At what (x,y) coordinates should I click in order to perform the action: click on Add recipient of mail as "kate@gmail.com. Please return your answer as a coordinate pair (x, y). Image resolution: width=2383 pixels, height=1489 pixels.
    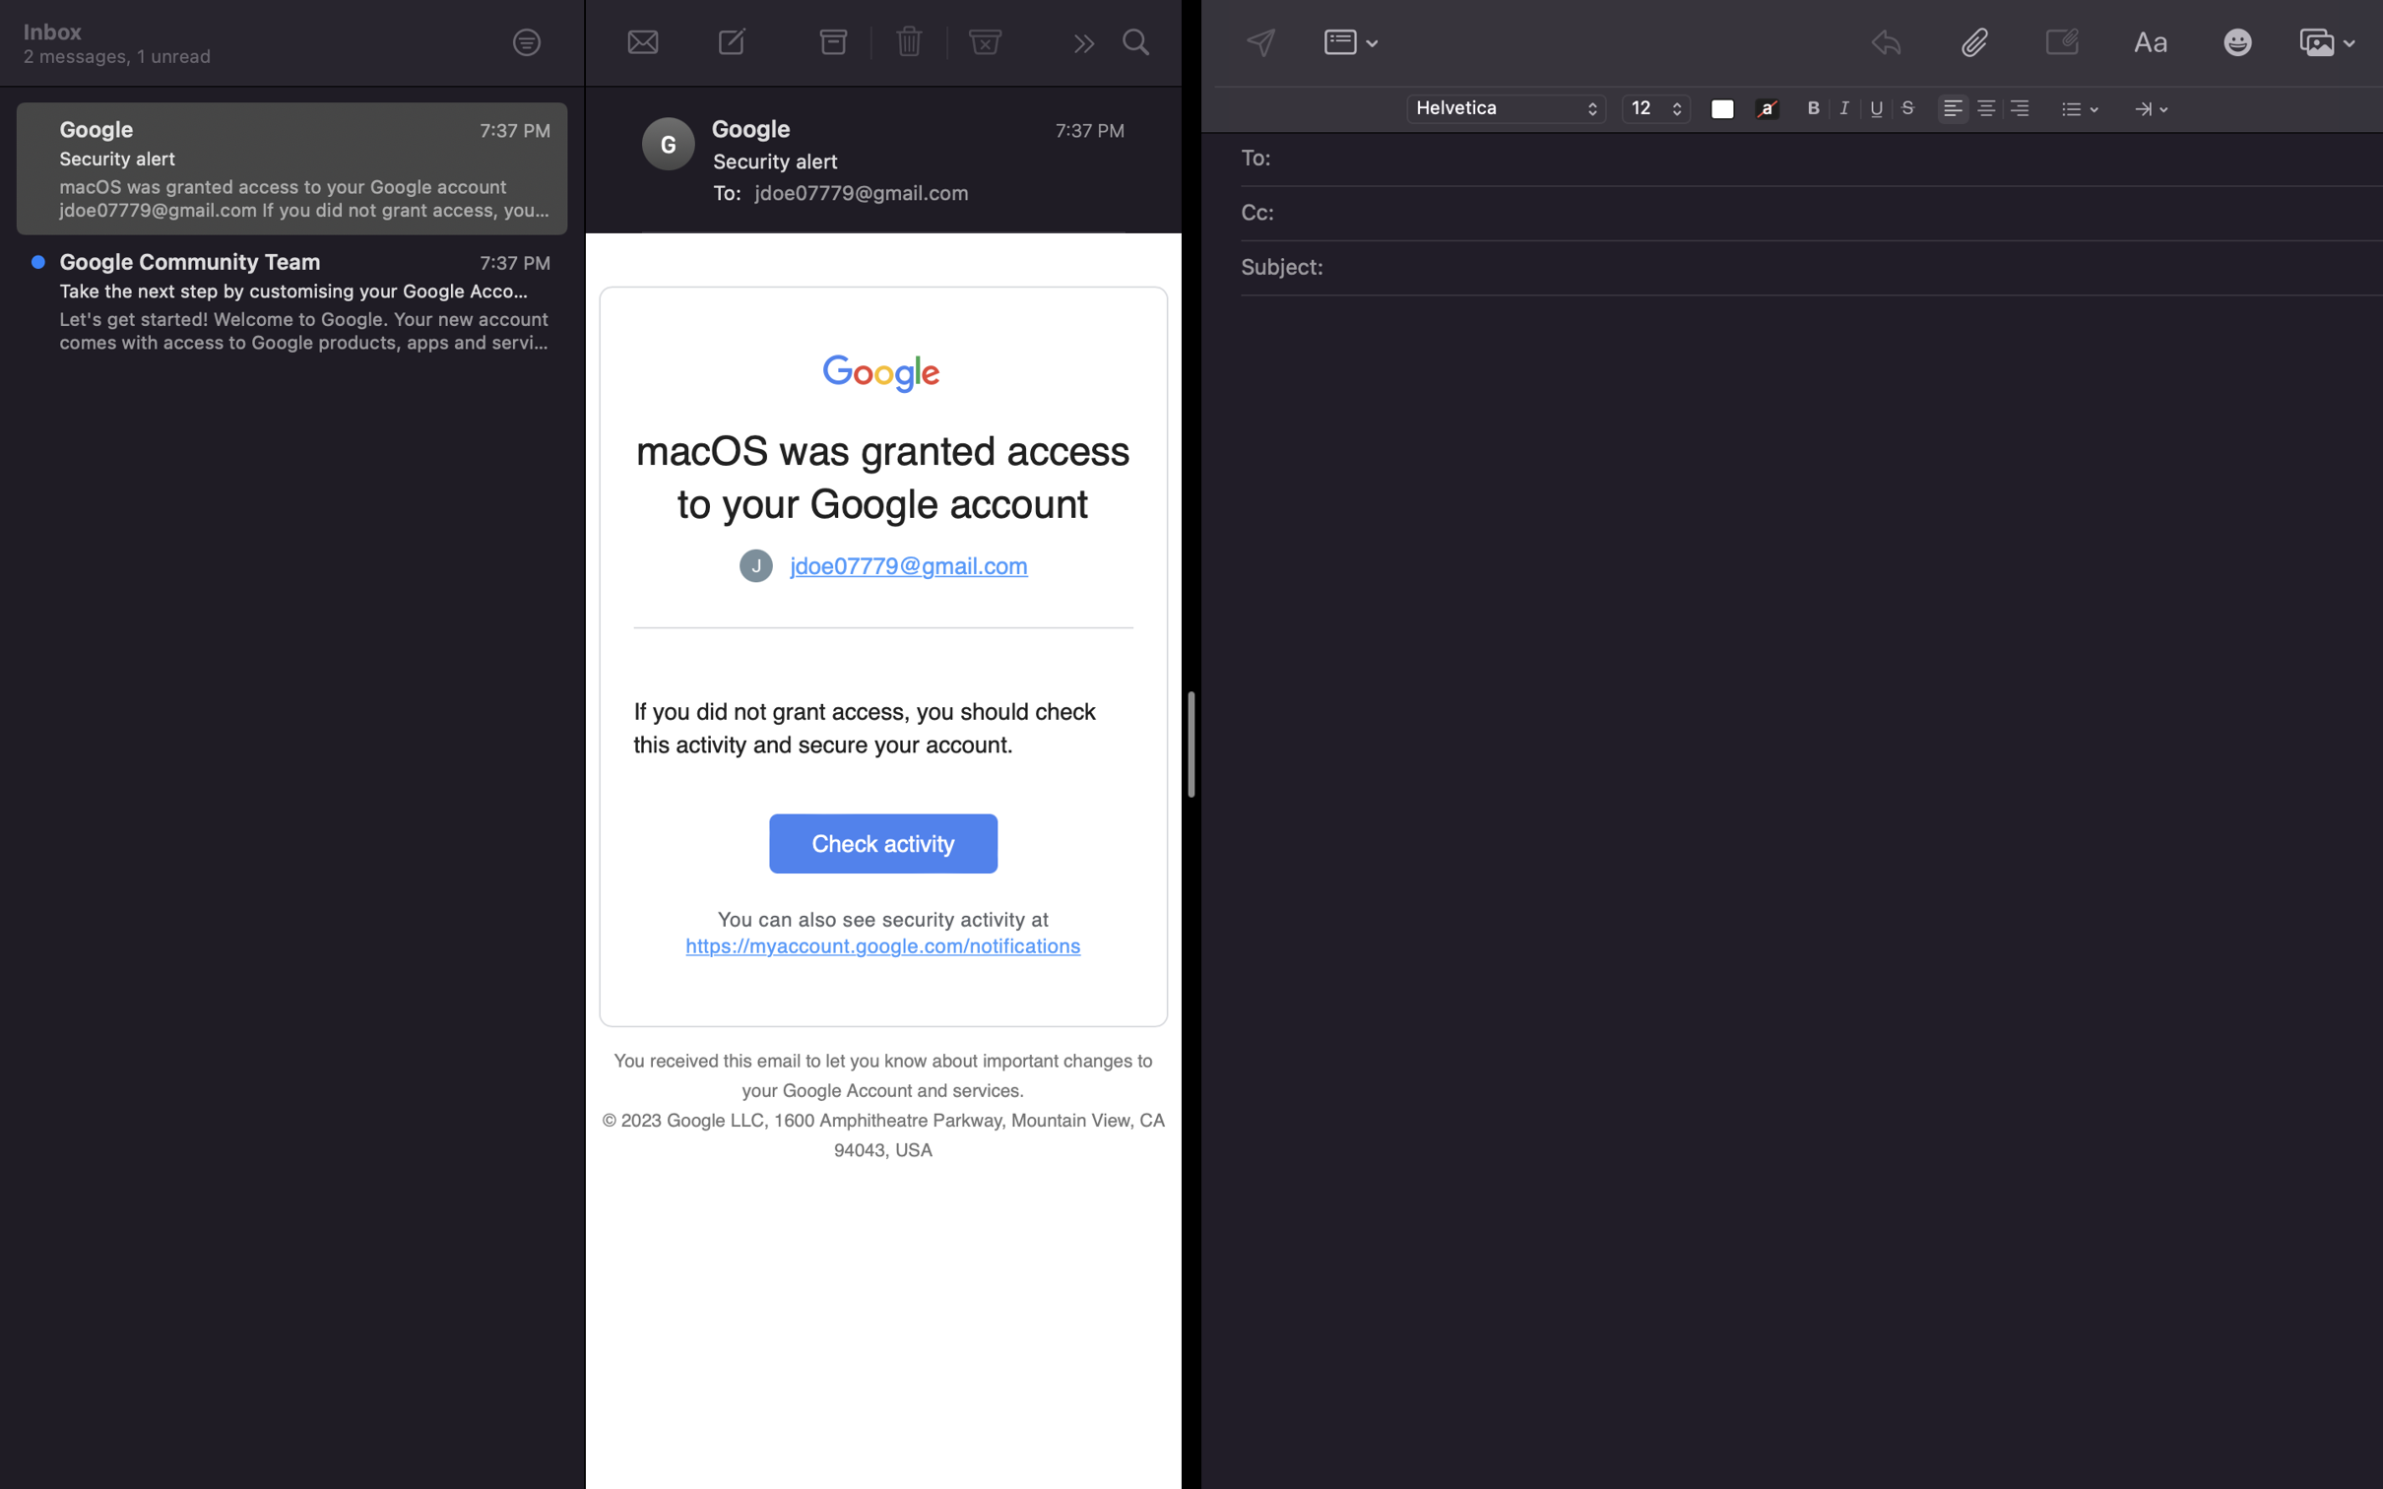
    Looking at the image, I should click on (1826, 160).